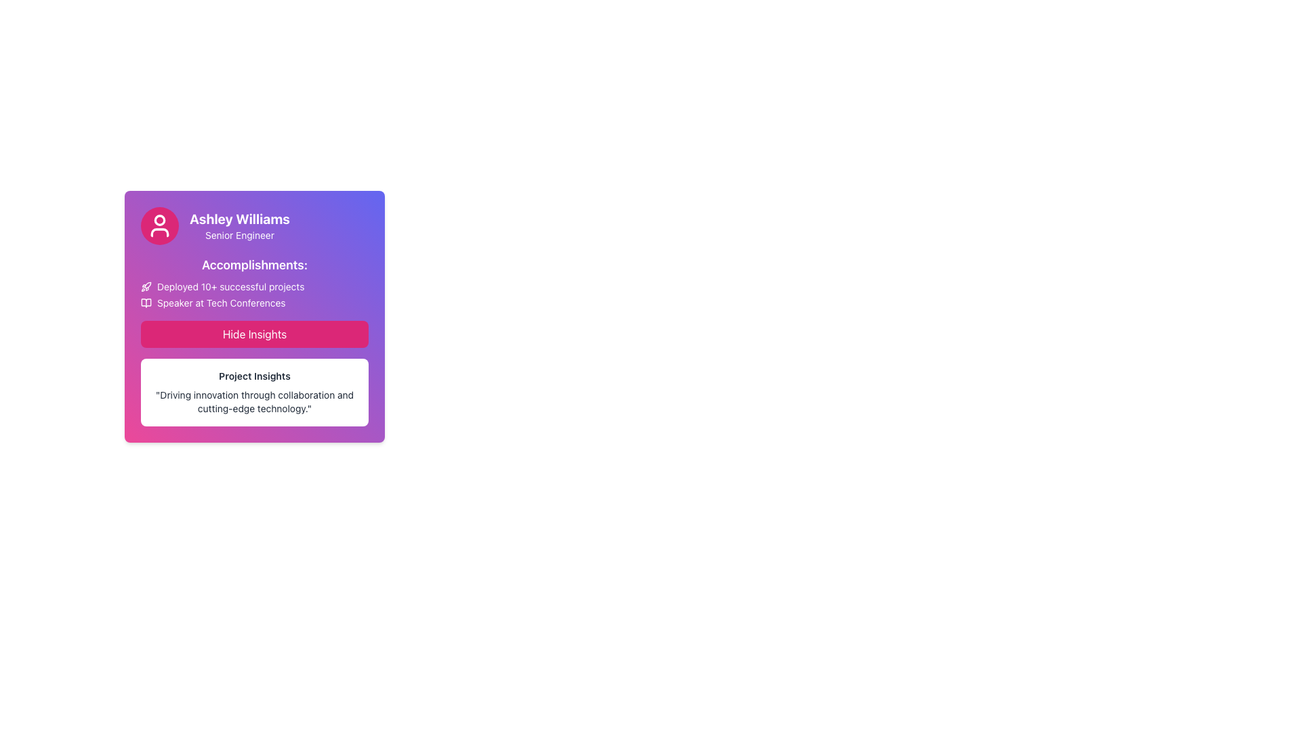 Image resolution: width=1301 pixels, height=731 pixels. What do you see at coordinates (254, 294) in the screenshot?
I see `the static text block that lists accomplishments or achievements, located below the 'Accomplishments:' heading` at bounding box center [254, 294].